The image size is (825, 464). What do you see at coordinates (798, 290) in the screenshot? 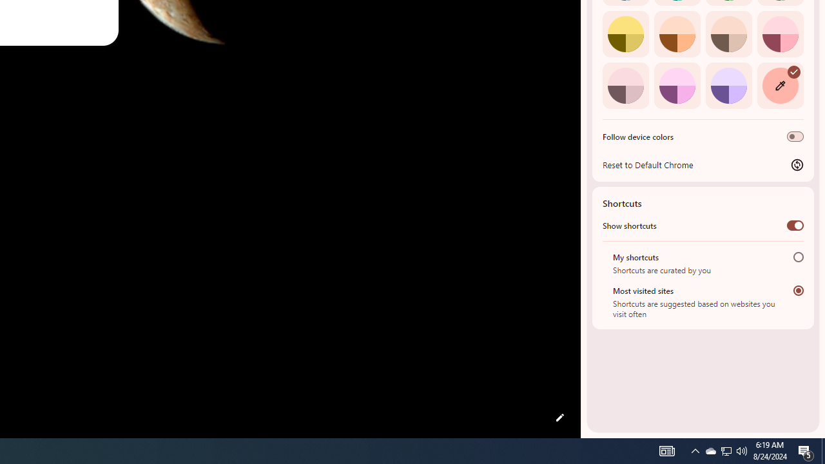
I see `'Most visited sites'` at bounding box center [798, 290].